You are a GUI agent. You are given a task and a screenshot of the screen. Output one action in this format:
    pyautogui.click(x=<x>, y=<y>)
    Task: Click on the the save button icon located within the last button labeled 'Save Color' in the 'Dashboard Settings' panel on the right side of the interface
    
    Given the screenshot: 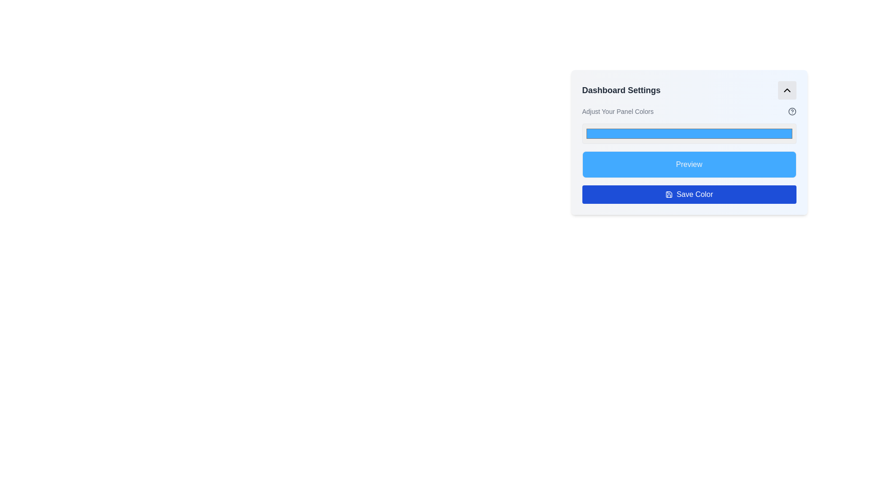 What is the action you would take?
    pyautogui.click(x=669, y=194)
    